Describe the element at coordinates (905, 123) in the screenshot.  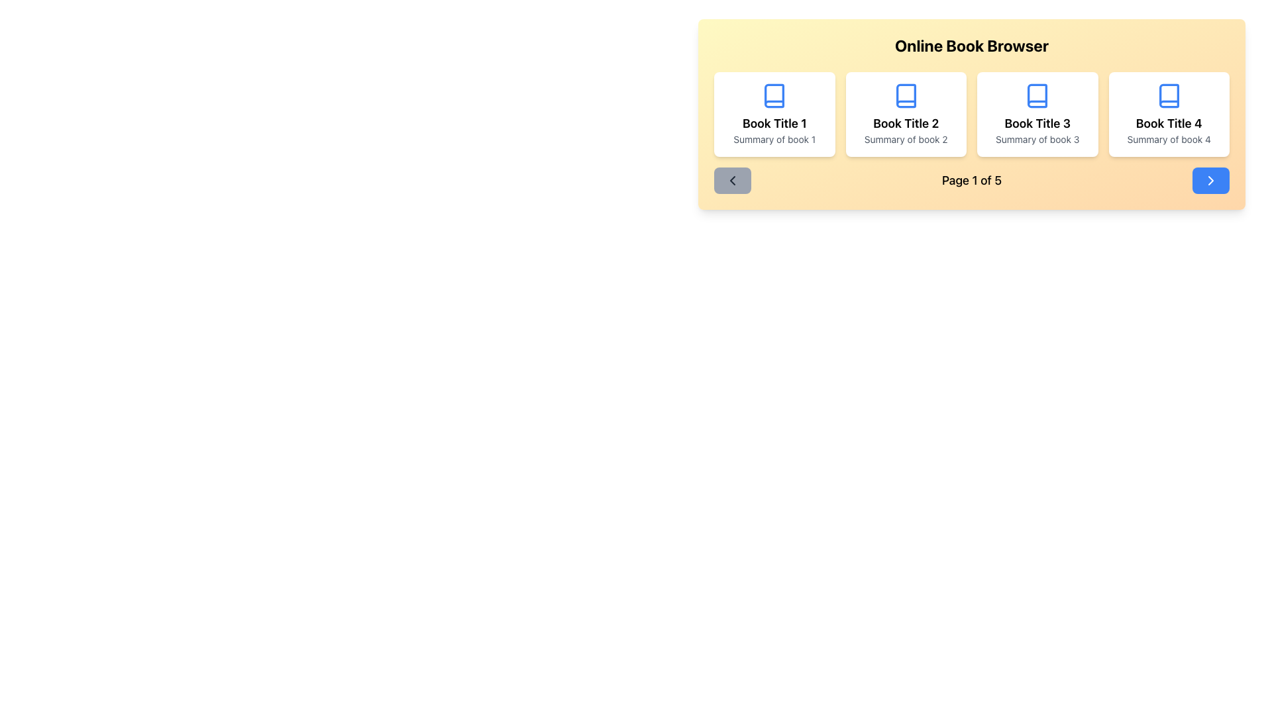
I see `text label displaying 'Book Title 2', which is centered within the second card from the left in the book collection` at that location.